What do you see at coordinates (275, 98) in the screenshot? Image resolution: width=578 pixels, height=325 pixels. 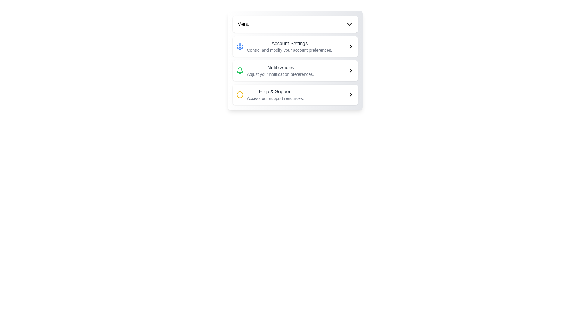 I see `the descriptive Text label located below the 'Help & Support' phrase in the bottom section of the Help & Support module` at bounding box center [275, 98].